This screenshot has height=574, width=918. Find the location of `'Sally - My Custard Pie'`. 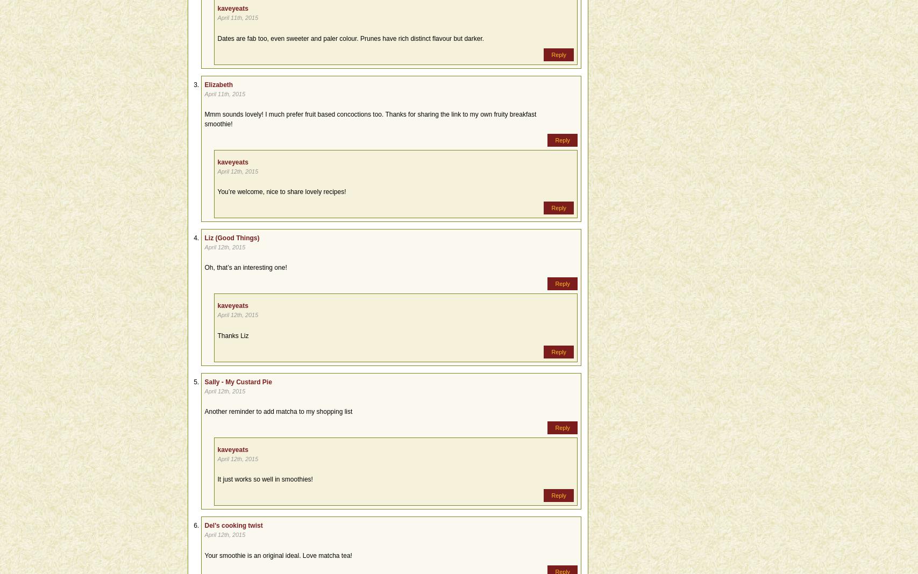

'Sally - My Custard Pie' is located at coordinates (238, 382).